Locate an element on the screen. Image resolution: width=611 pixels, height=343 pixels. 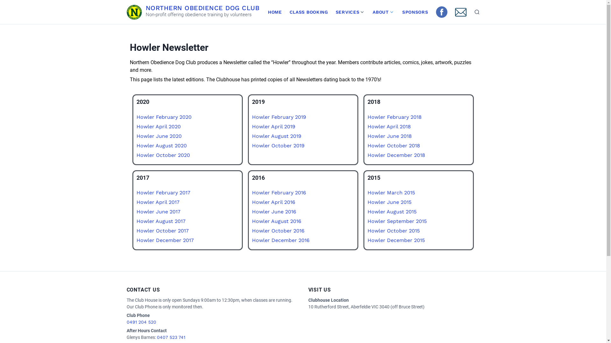
'Howler October 2015' is located at coordinates (393, 231).